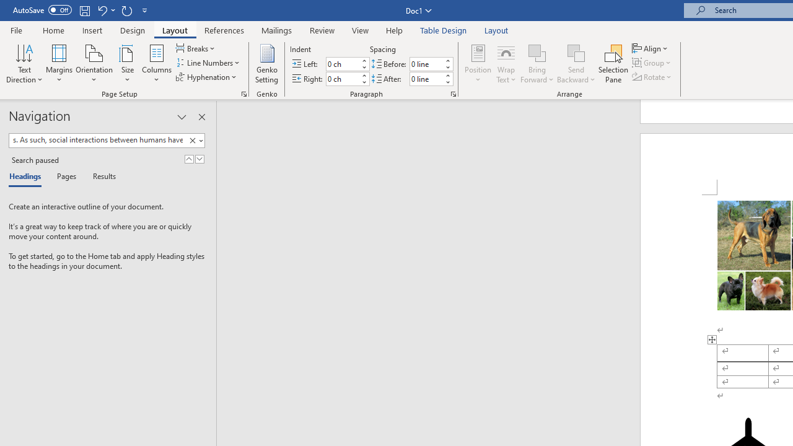 The height and width of the screenshot is (446, 793). Describe the element at coordinates (102, 10) in the screenshot. I see `'Undo Style'` at that location.